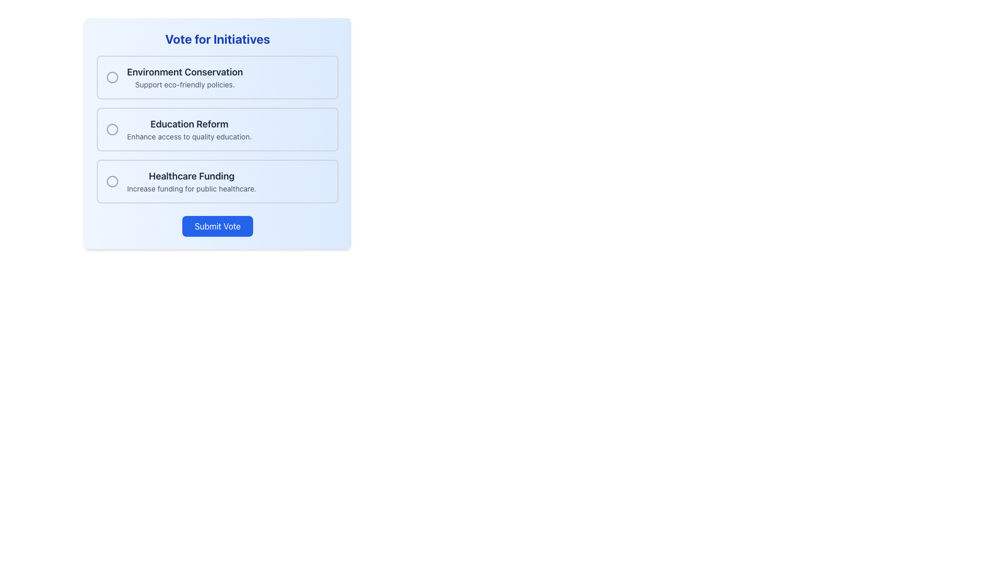 The height and width of the screenshot is (562, 1000). I want to click on the label text that reads 'Support eco-friendly policies.' which is located below the heading 'Environment Conservation' in the voting interface, so click(185, 84).